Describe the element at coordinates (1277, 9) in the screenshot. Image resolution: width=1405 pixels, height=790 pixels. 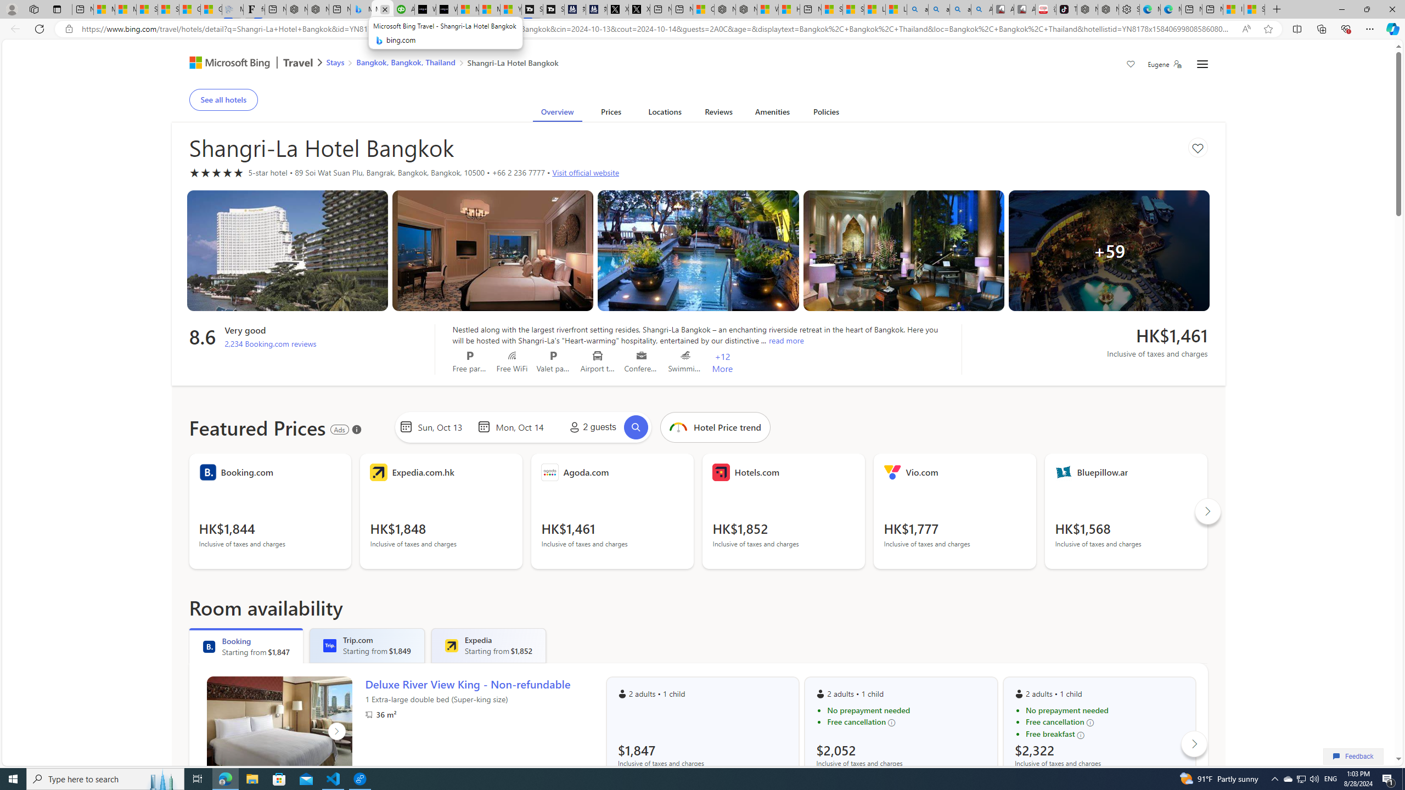
I see `'New Tab'` at that location.